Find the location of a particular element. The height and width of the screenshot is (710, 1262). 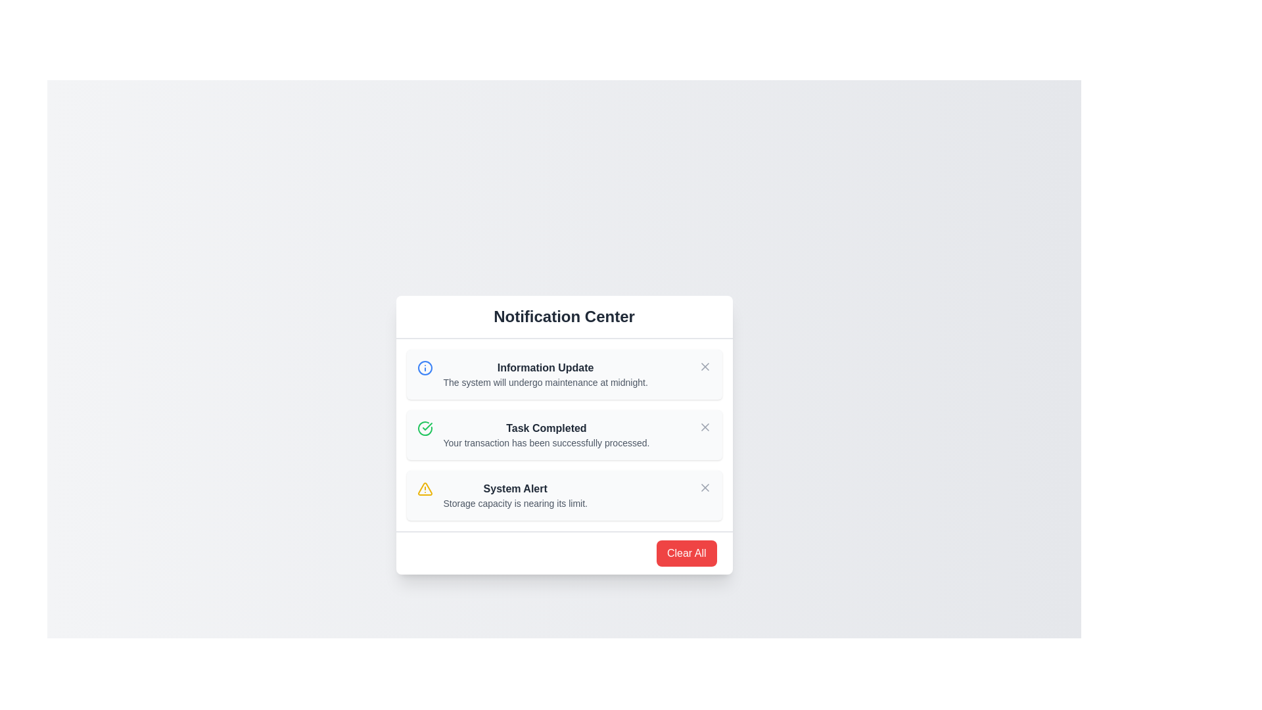

the informational text label stating 'Storage capacity is nearing its limit.' which is located beneath the 'System Alert' title in the notification panel is located at coordinates (515, 503).